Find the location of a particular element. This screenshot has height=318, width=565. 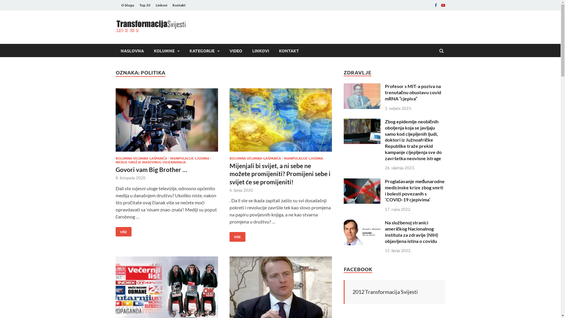

'VIDEO' is located at coordinates (224, 50).